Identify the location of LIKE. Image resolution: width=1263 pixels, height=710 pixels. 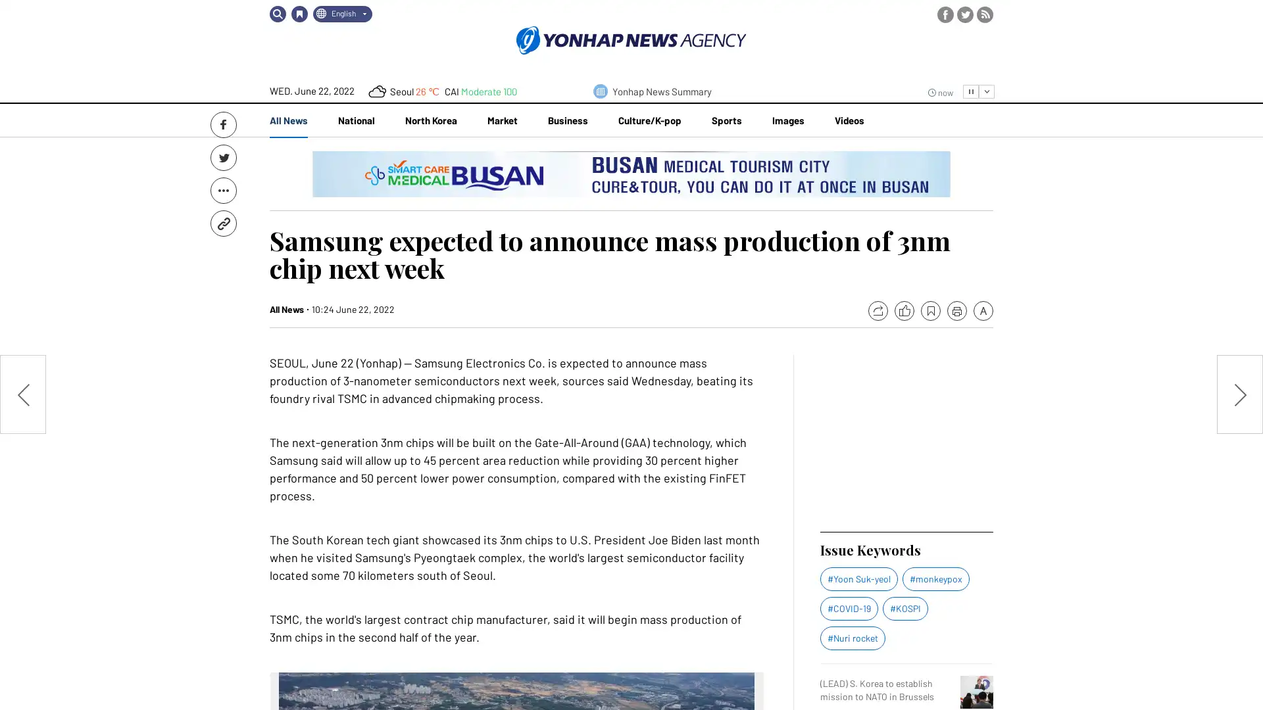
(903, 311).